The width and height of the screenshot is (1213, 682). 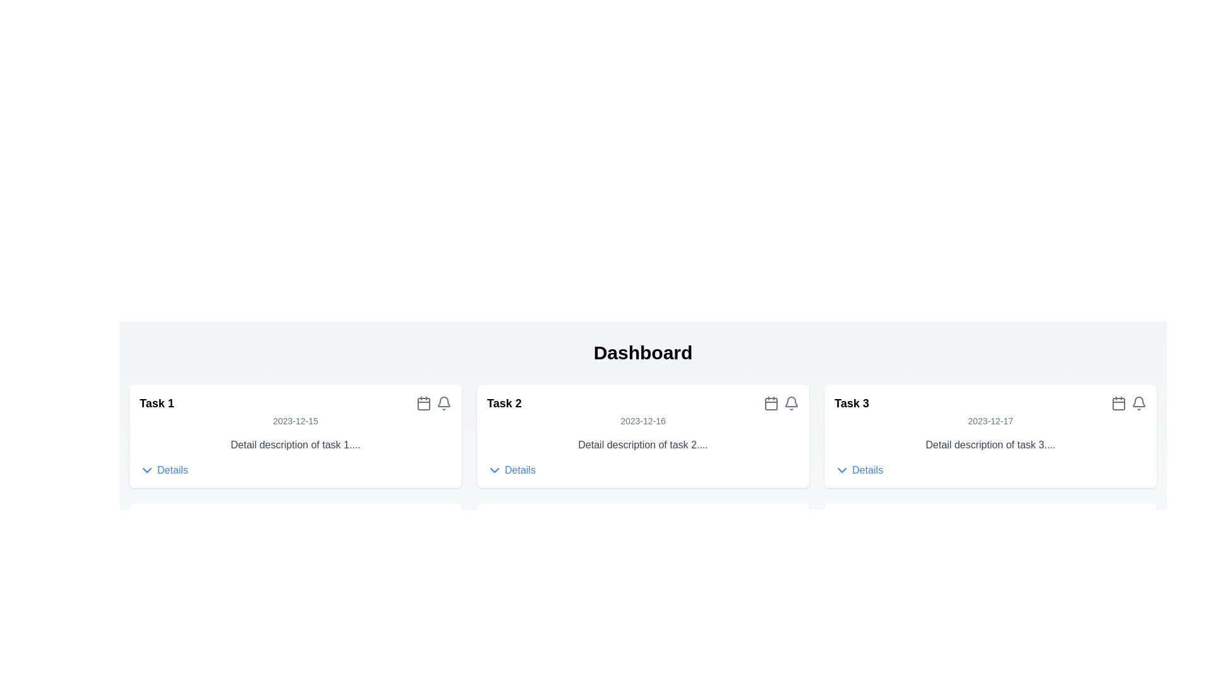 What do you see at coordinates (990, 445) in the screenshot?
I see `the static text display containing 'Detail description of task 3....' that is located below the date '2023-12-17' within the 'Task 3' card` at bounding box center [990, 445].